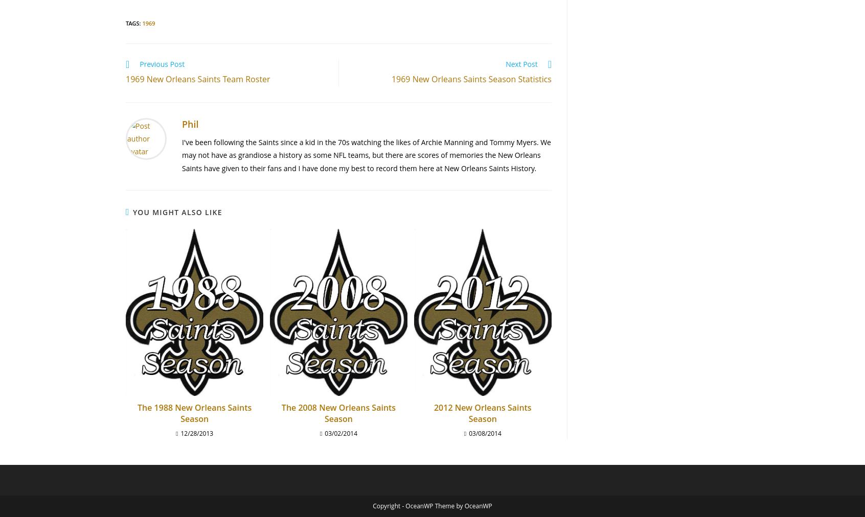  I want to click on 'I've been following the Saints since a kid in the 70s watching the likes of Archie Manning and Tommy Myers.
 We may not have as grandiose a history as some NFL teams, but there are scores of memories the New Orleans Saints have given to their fans and I have done my best to record them here at New Orleans Saints History.', so click(366, 154).